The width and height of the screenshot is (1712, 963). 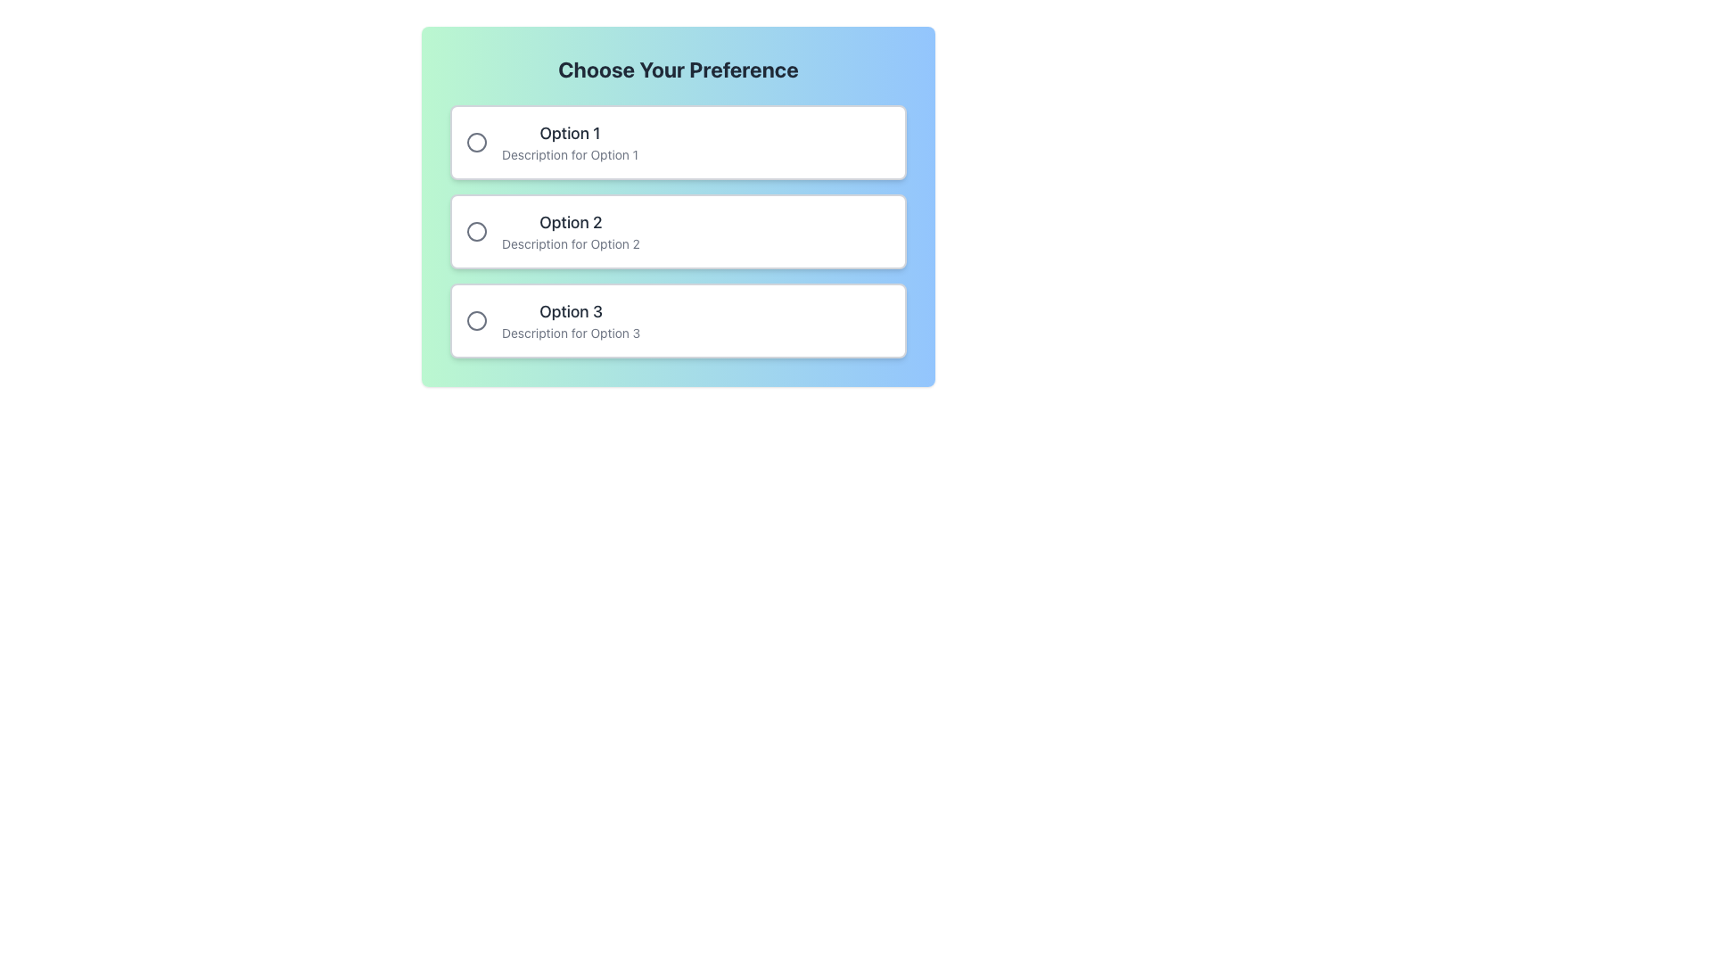 What do you see at coordinates (571, 230) in the screenshot?
I see `the 'Option 2' text block, which is the second item in the selection list under 'Choose Your Preference.'` at bounding box center [571, 230].